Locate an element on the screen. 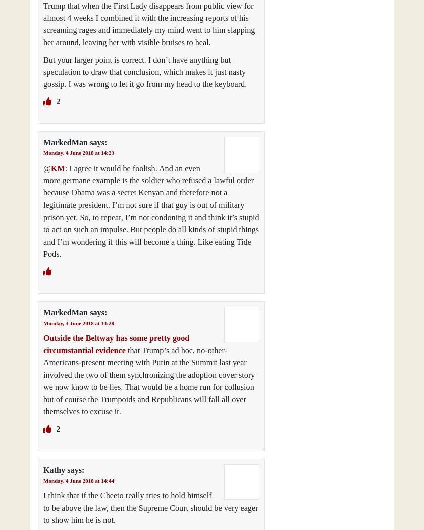  'I think that if the Cheeto really tries to hold himself to be above the law, then the Supreme Court should be very eager to show him he is not.' is located at coordinates (150, 508).